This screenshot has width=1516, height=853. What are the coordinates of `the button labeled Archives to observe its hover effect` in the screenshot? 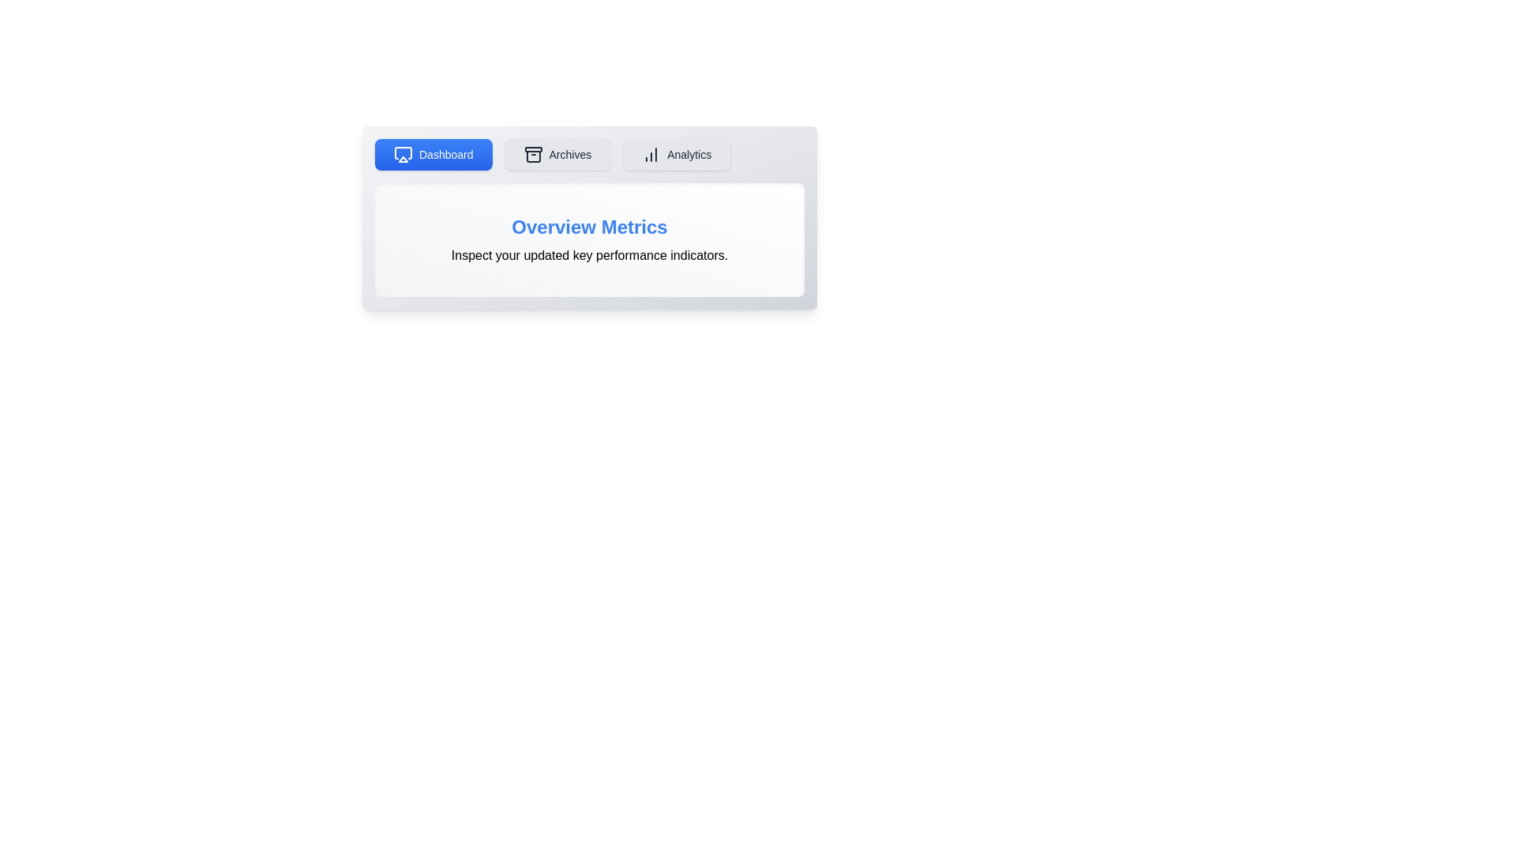 It's located at (557, 155).